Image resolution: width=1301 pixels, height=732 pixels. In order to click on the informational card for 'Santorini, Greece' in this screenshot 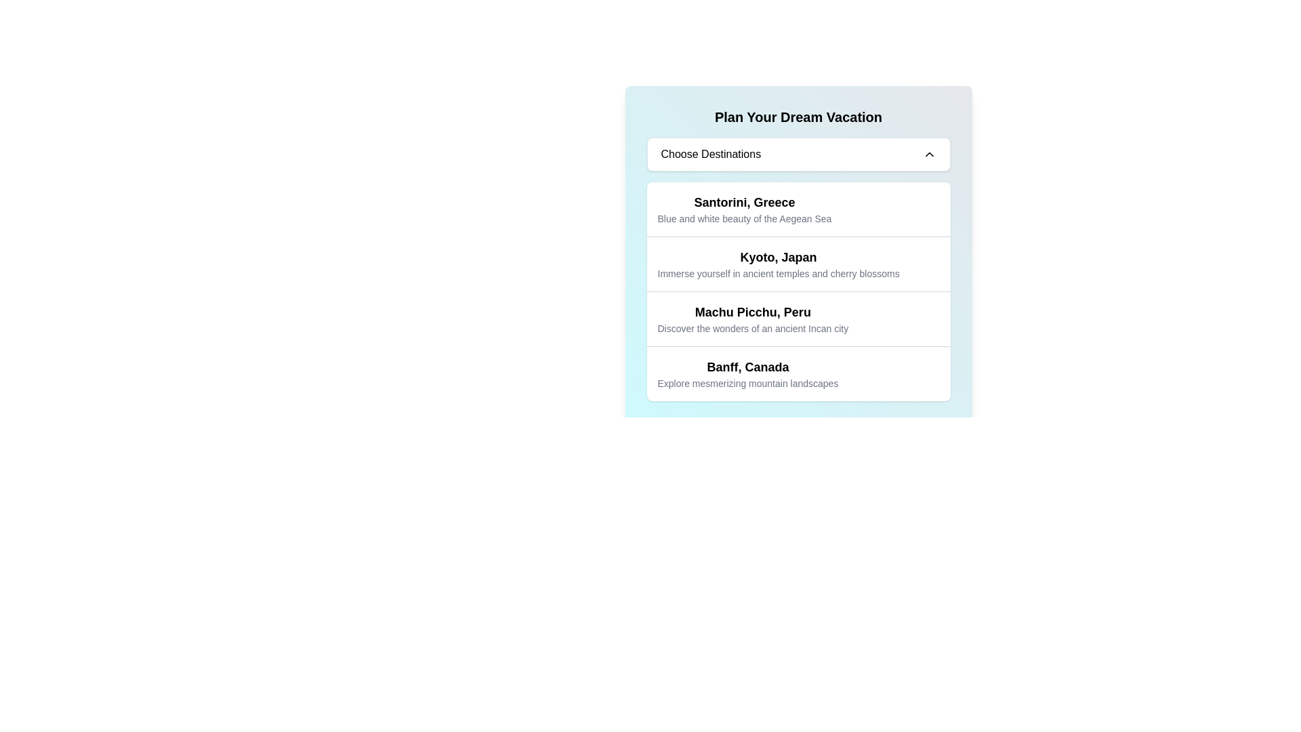, I will do `click(798, 209)`.